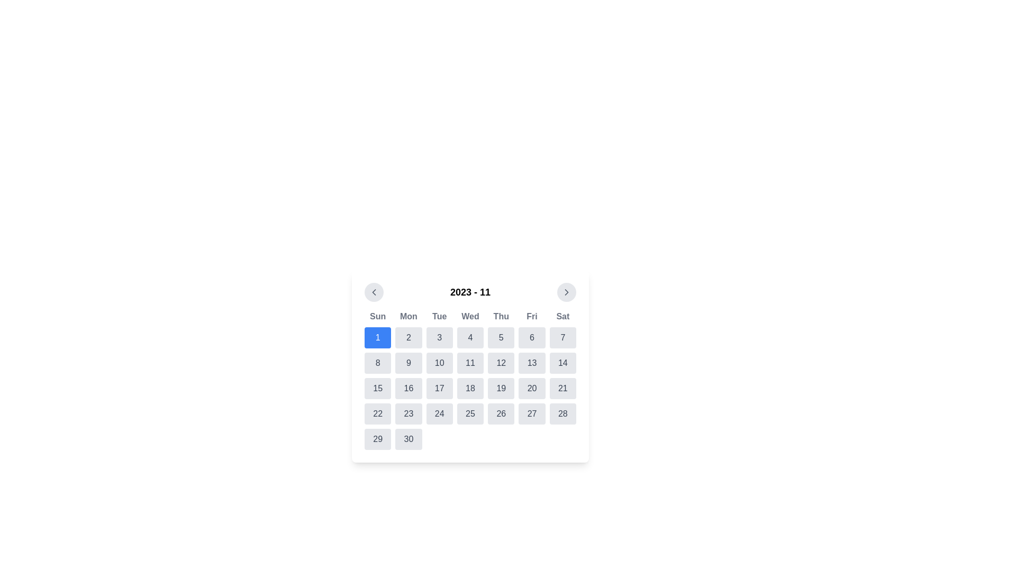 This screenshot has width=1016, height=571. I want to click on the navigational button for moving to the next month in the calendar view, so click(566, 292).